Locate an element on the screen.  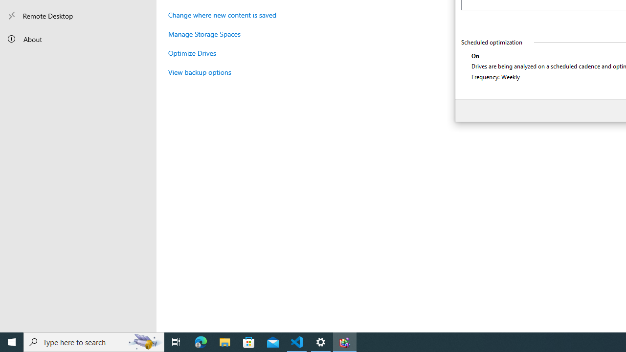
'Microsoft Edge' is located at coordinates (201, 341).